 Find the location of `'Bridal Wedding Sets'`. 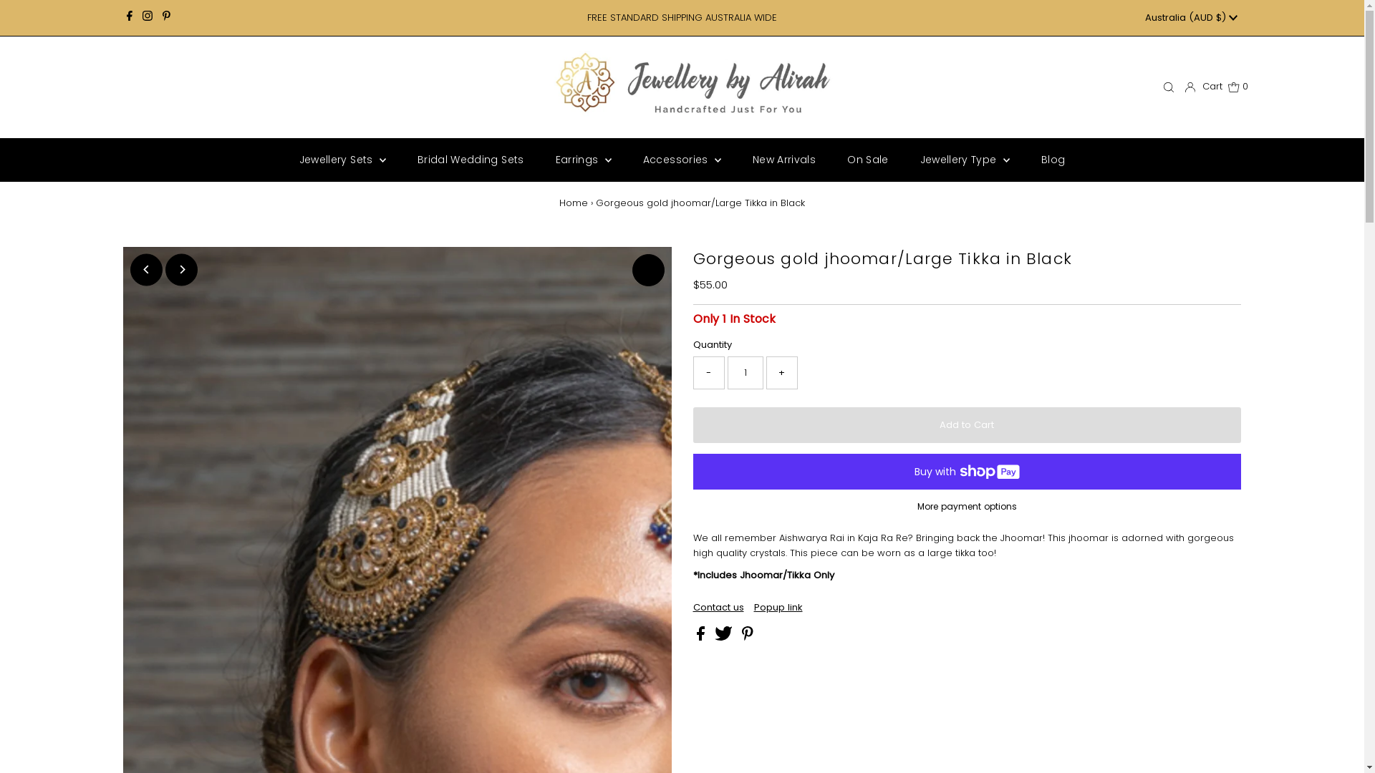

'Bridal Wedding Sets' is located at coordinates (402, 160).